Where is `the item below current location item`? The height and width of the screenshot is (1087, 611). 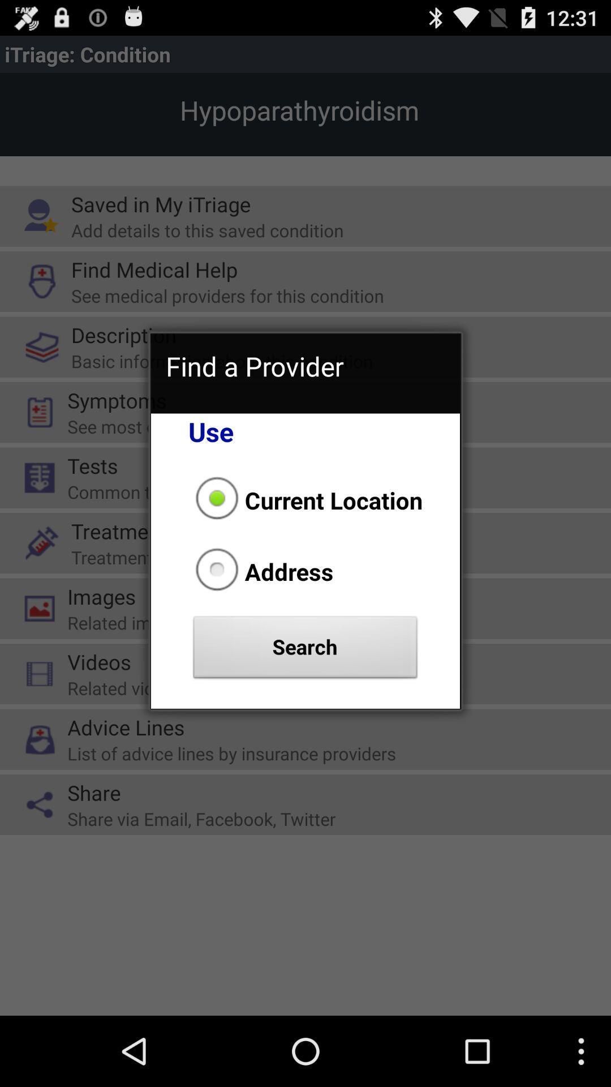
the item below current location item is located at coordinates (261, 571).